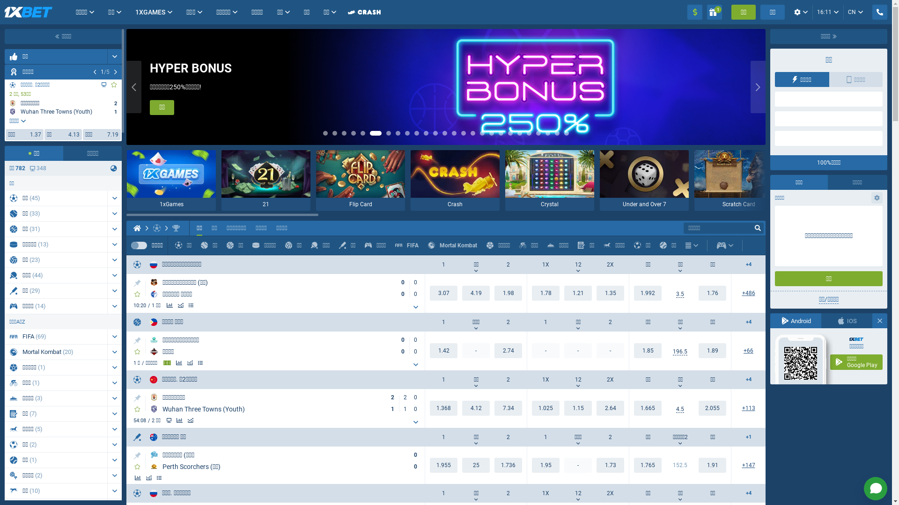 Image resolution: width=899 pixels, height=505 pixels. Describe the element at coordinates (647, 465) in the screenshot. I see `'1.765'` at that location.